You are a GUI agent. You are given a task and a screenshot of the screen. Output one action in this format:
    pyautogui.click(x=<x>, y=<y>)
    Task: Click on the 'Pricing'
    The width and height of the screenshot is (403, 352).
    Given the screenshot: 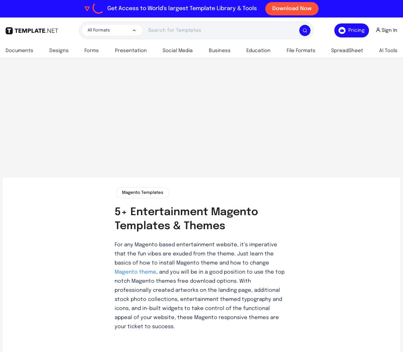 What is the action you would take?
    pyautogui.click(x=356, y=30)
    